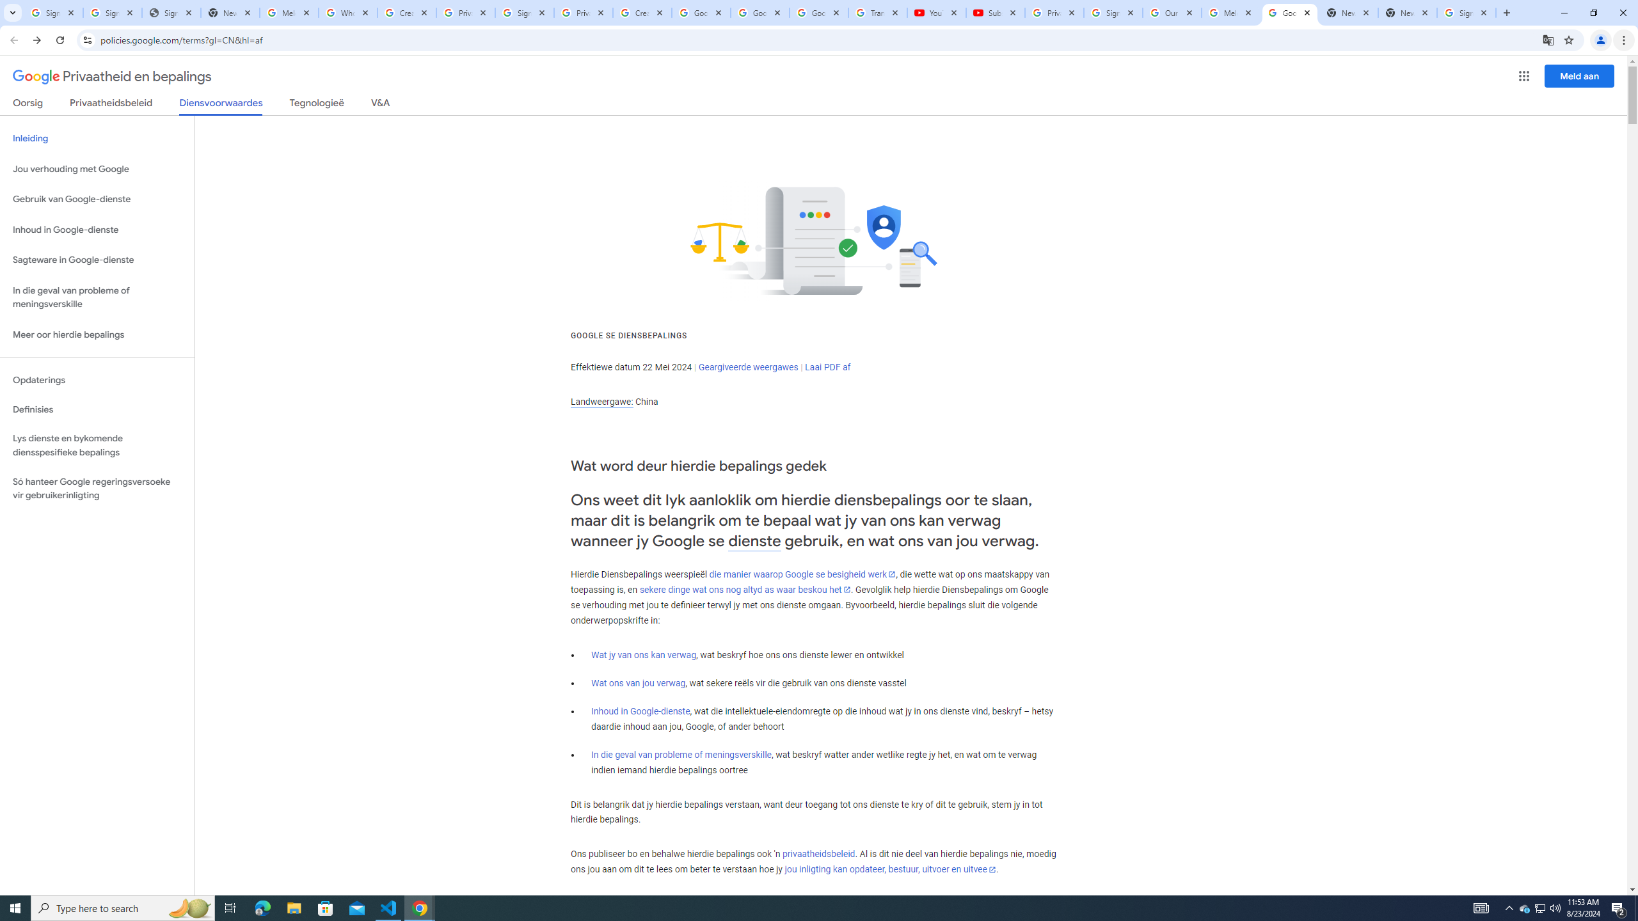 Image resolution: width=1638 pixels, height=921 pixels. I want to click on 'dienste', so click(754, 541).